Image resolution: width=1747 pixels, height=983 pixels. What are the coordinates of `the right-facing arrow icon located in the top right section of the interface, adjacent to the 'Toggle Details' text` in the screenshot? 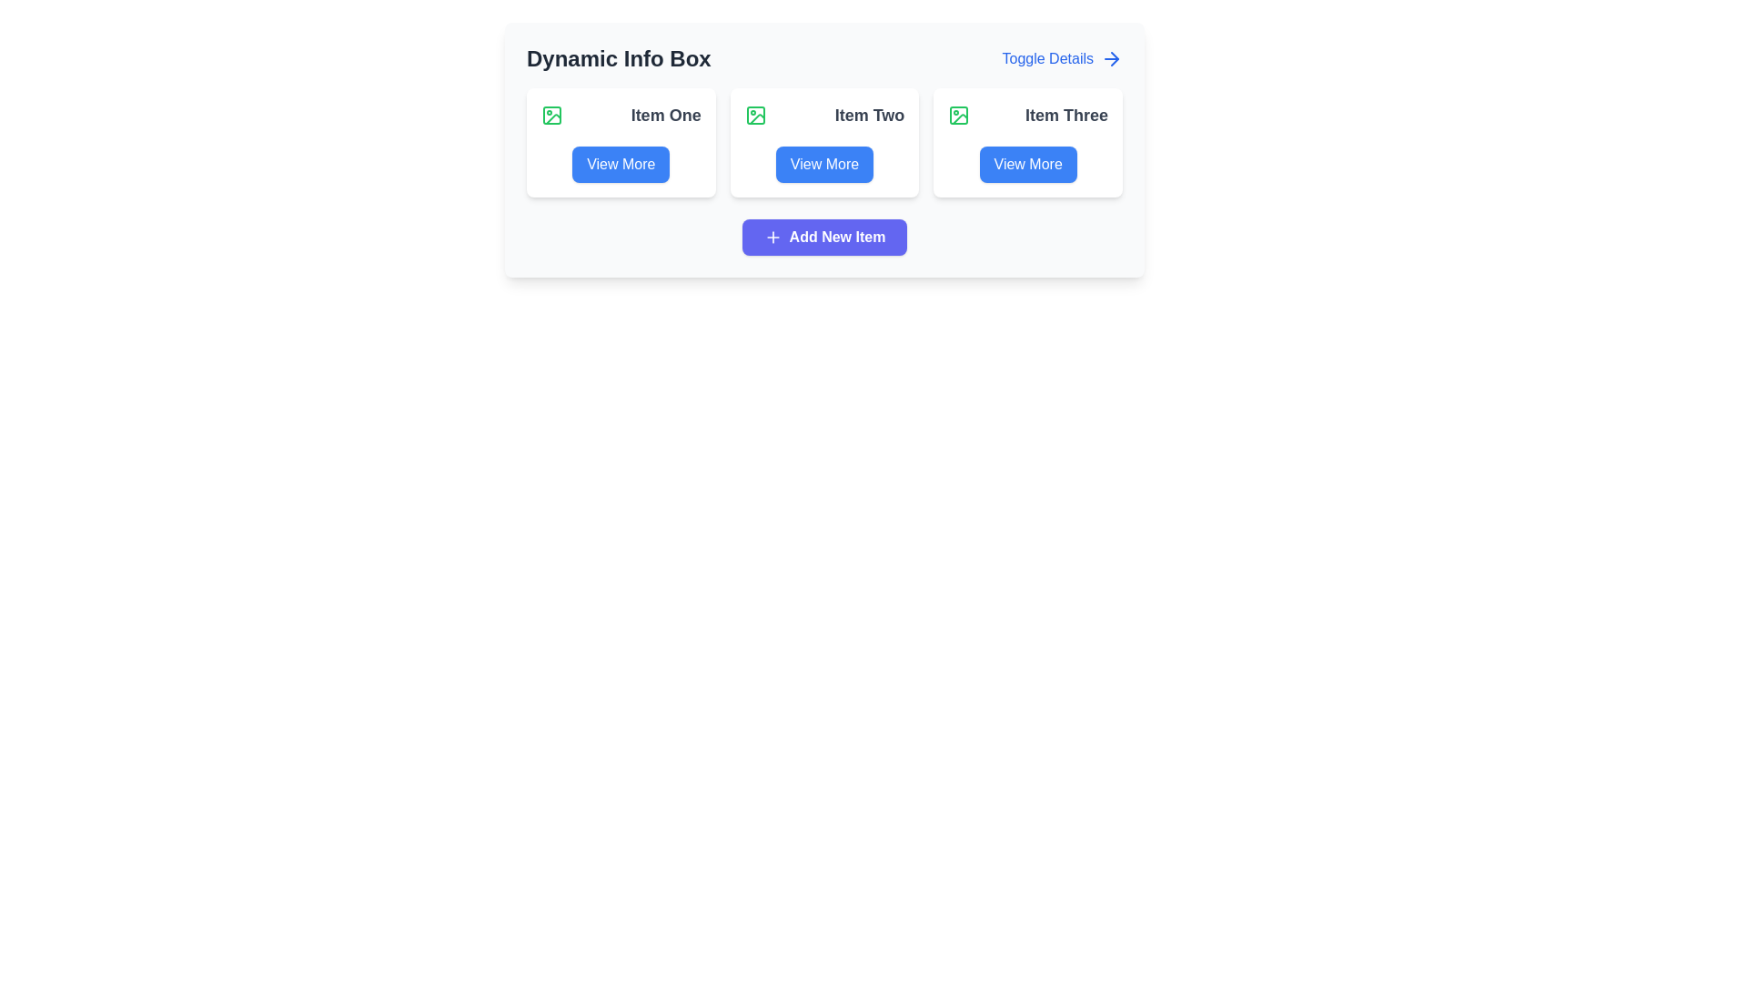 It's located at (1114, 58).